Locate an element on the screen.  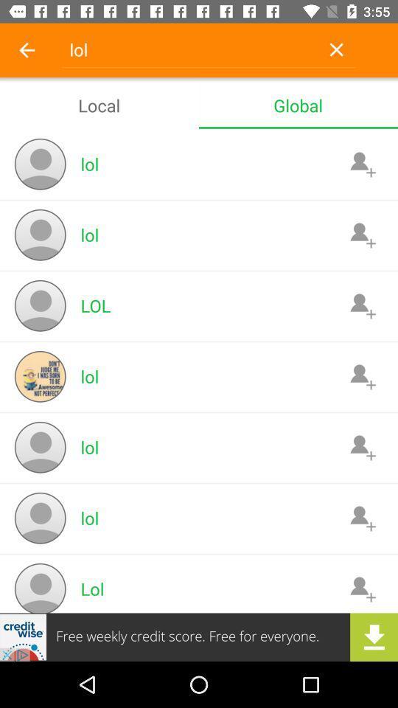
entry information is located at coordinates (362, 589).